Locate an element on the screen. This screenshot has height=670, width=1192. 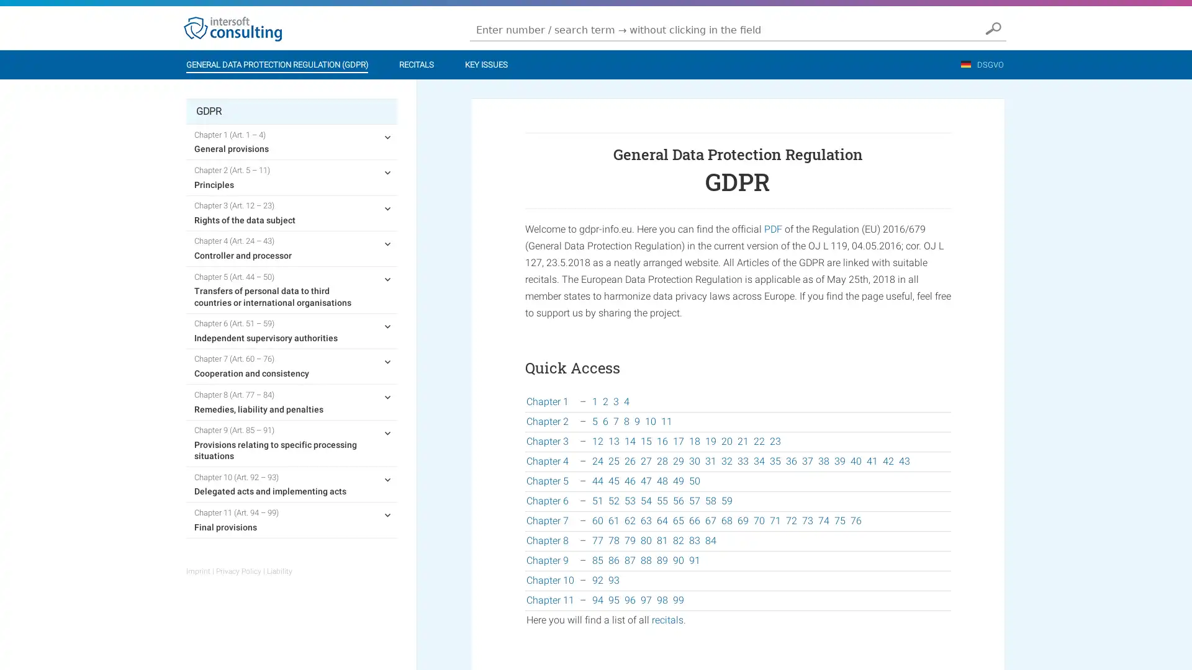
expand child menu is located at coordinates (387, 136).